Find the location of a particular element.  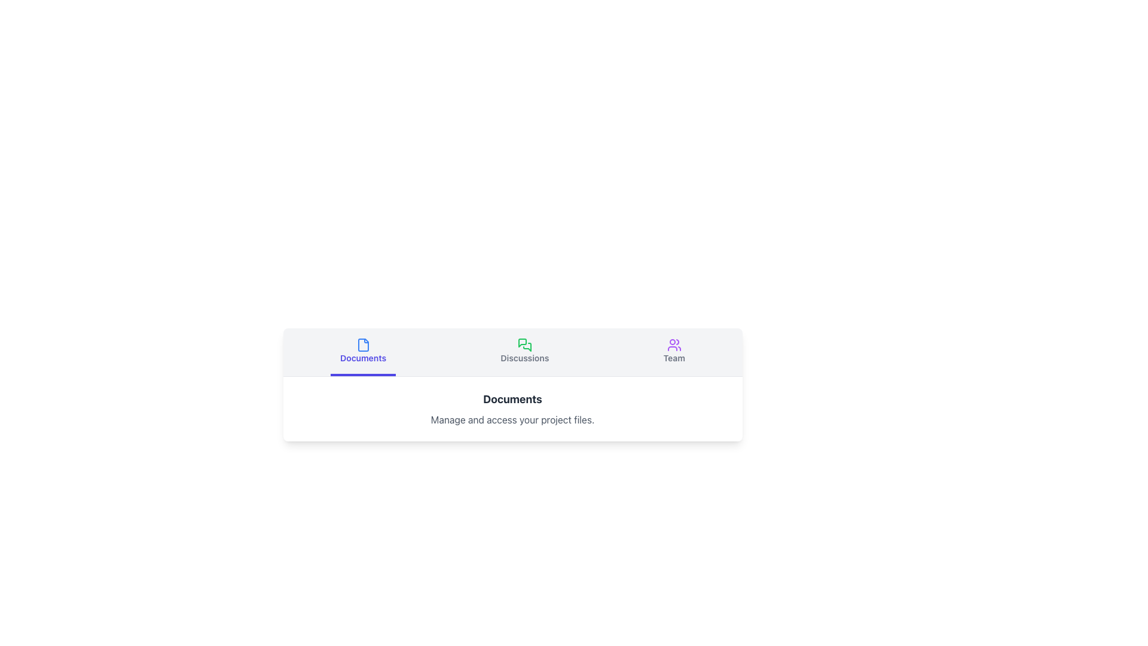

the 'Discussions' button, which features an icon of two overlapping speech bubbles in green and a gray text label below it that changes to light indigo on hover is located at coordinates (524, 351).